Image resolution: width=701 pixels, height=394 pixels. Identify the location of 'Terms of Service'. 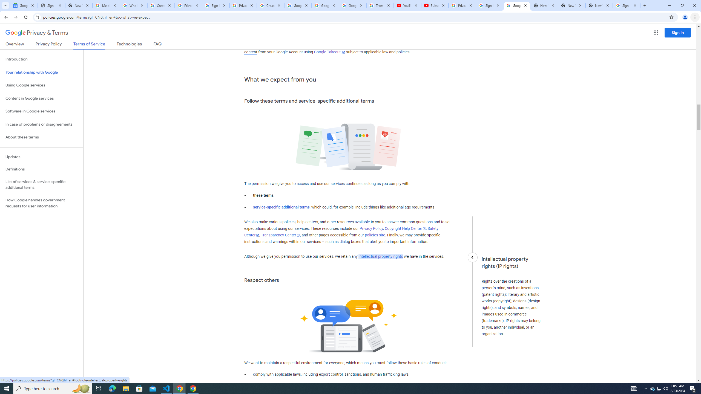
(89, 45).